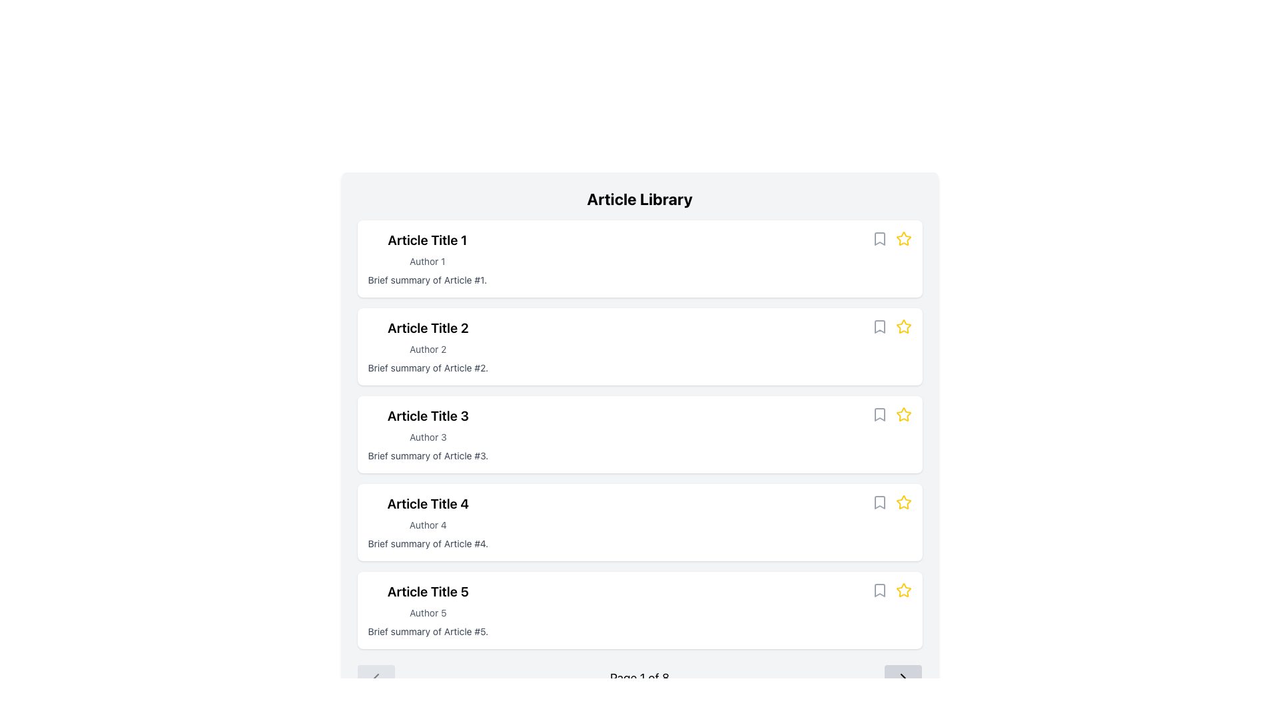 Image resolution: width=1279 pixels, height=719 pixels. Describe the element at coordinates (879, 414) in the screenshot. I see `the bookmark icon, which is an outlined book corner styled in muted gray, located in the rightmost section of the row for 'Article Title 3'` at that location.